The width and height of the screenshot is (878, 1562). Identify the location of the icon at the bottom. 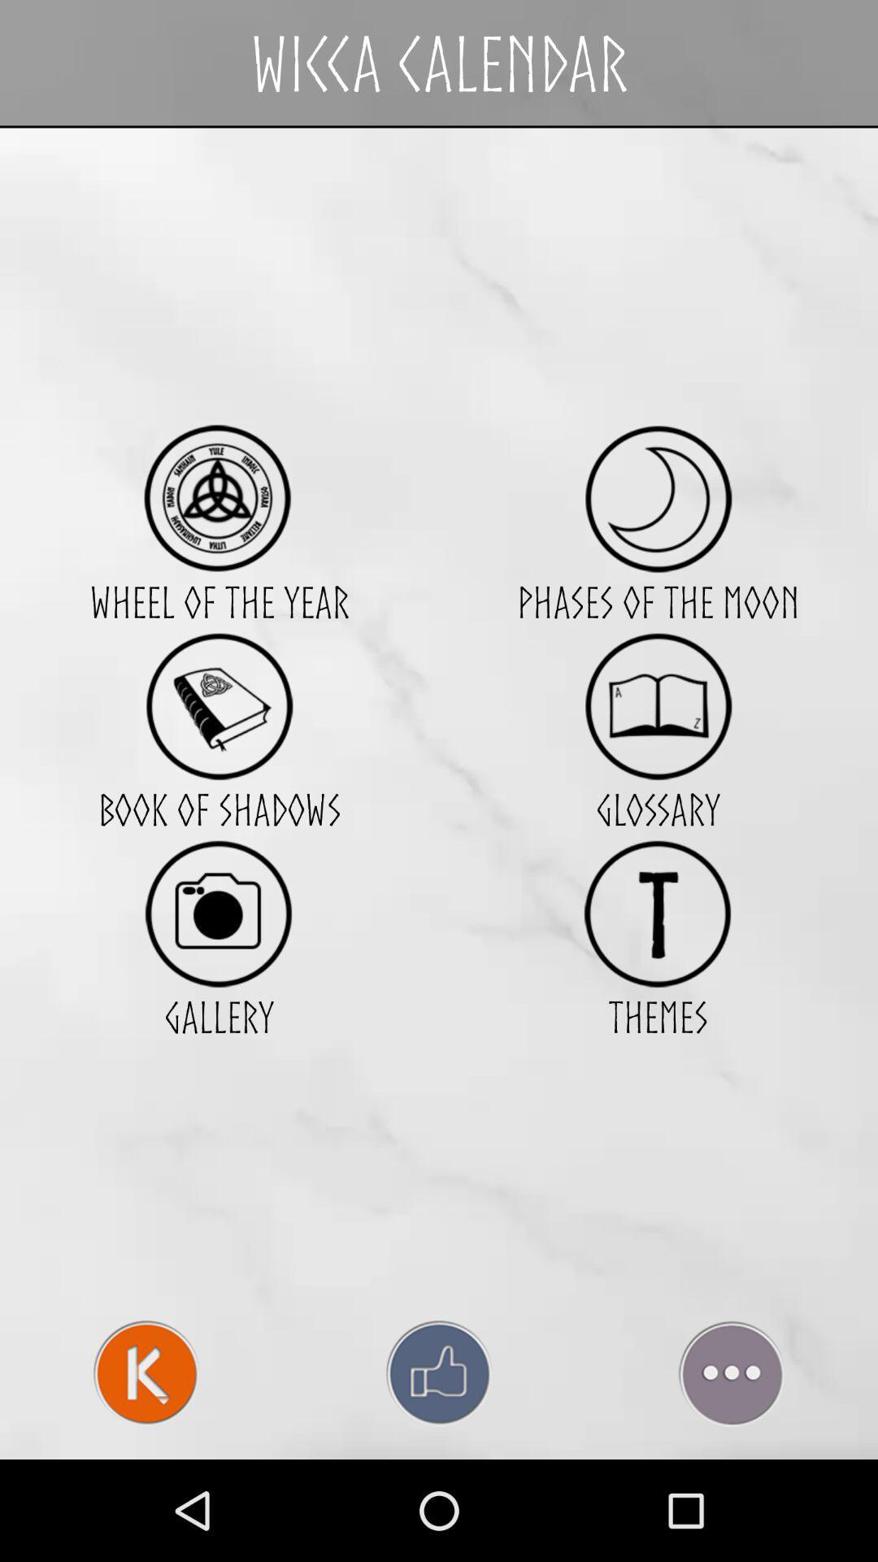
(439, 1372).